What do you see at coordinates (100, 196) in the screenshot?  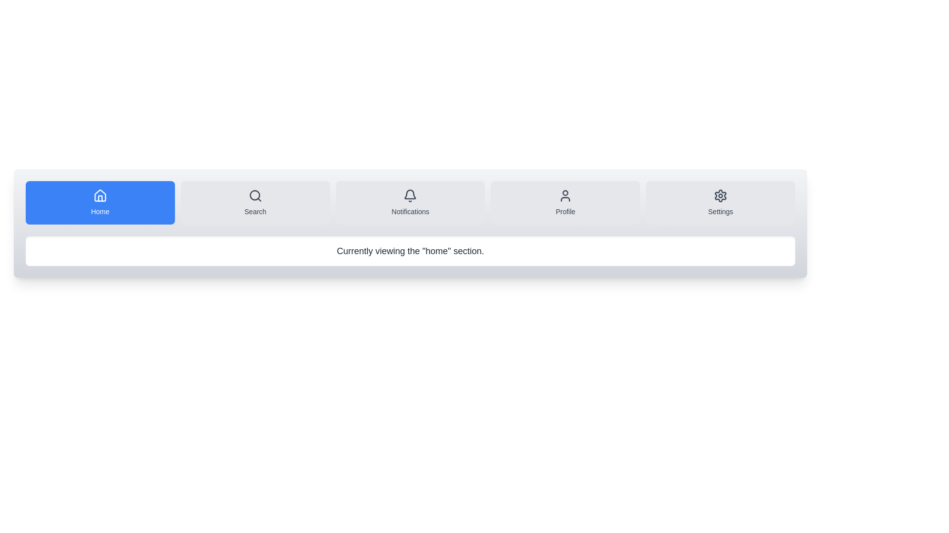 I see `the home button icon located in the top-left segment of the navigation bar, which is centered within the blue rectangular button labeled 'Home'` at bounding box center [100, 196].